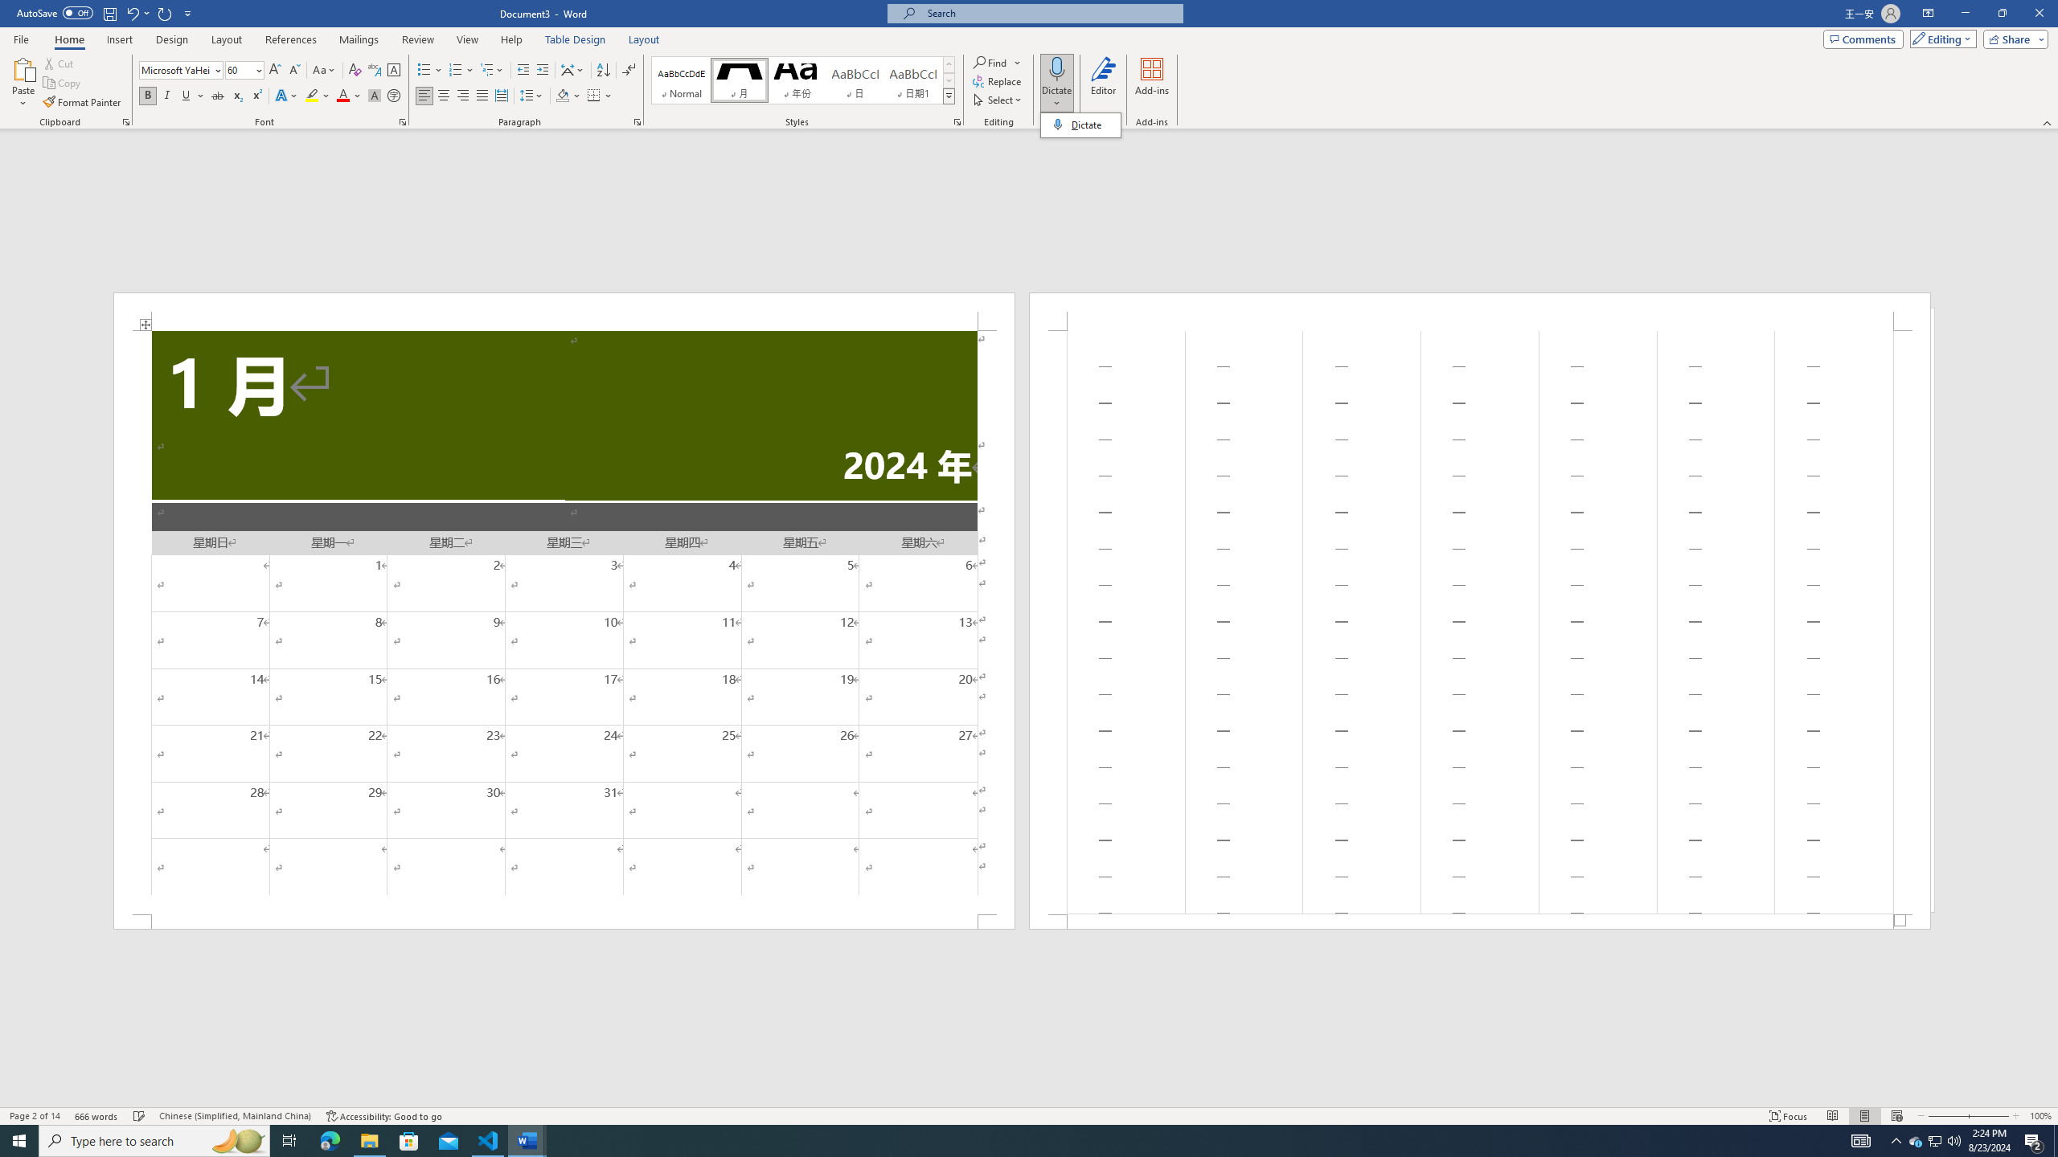 The width and height of the screenshot is (2058, 1157). I want to click on 'User Promoted Notification Area', so click(1933, 1139).